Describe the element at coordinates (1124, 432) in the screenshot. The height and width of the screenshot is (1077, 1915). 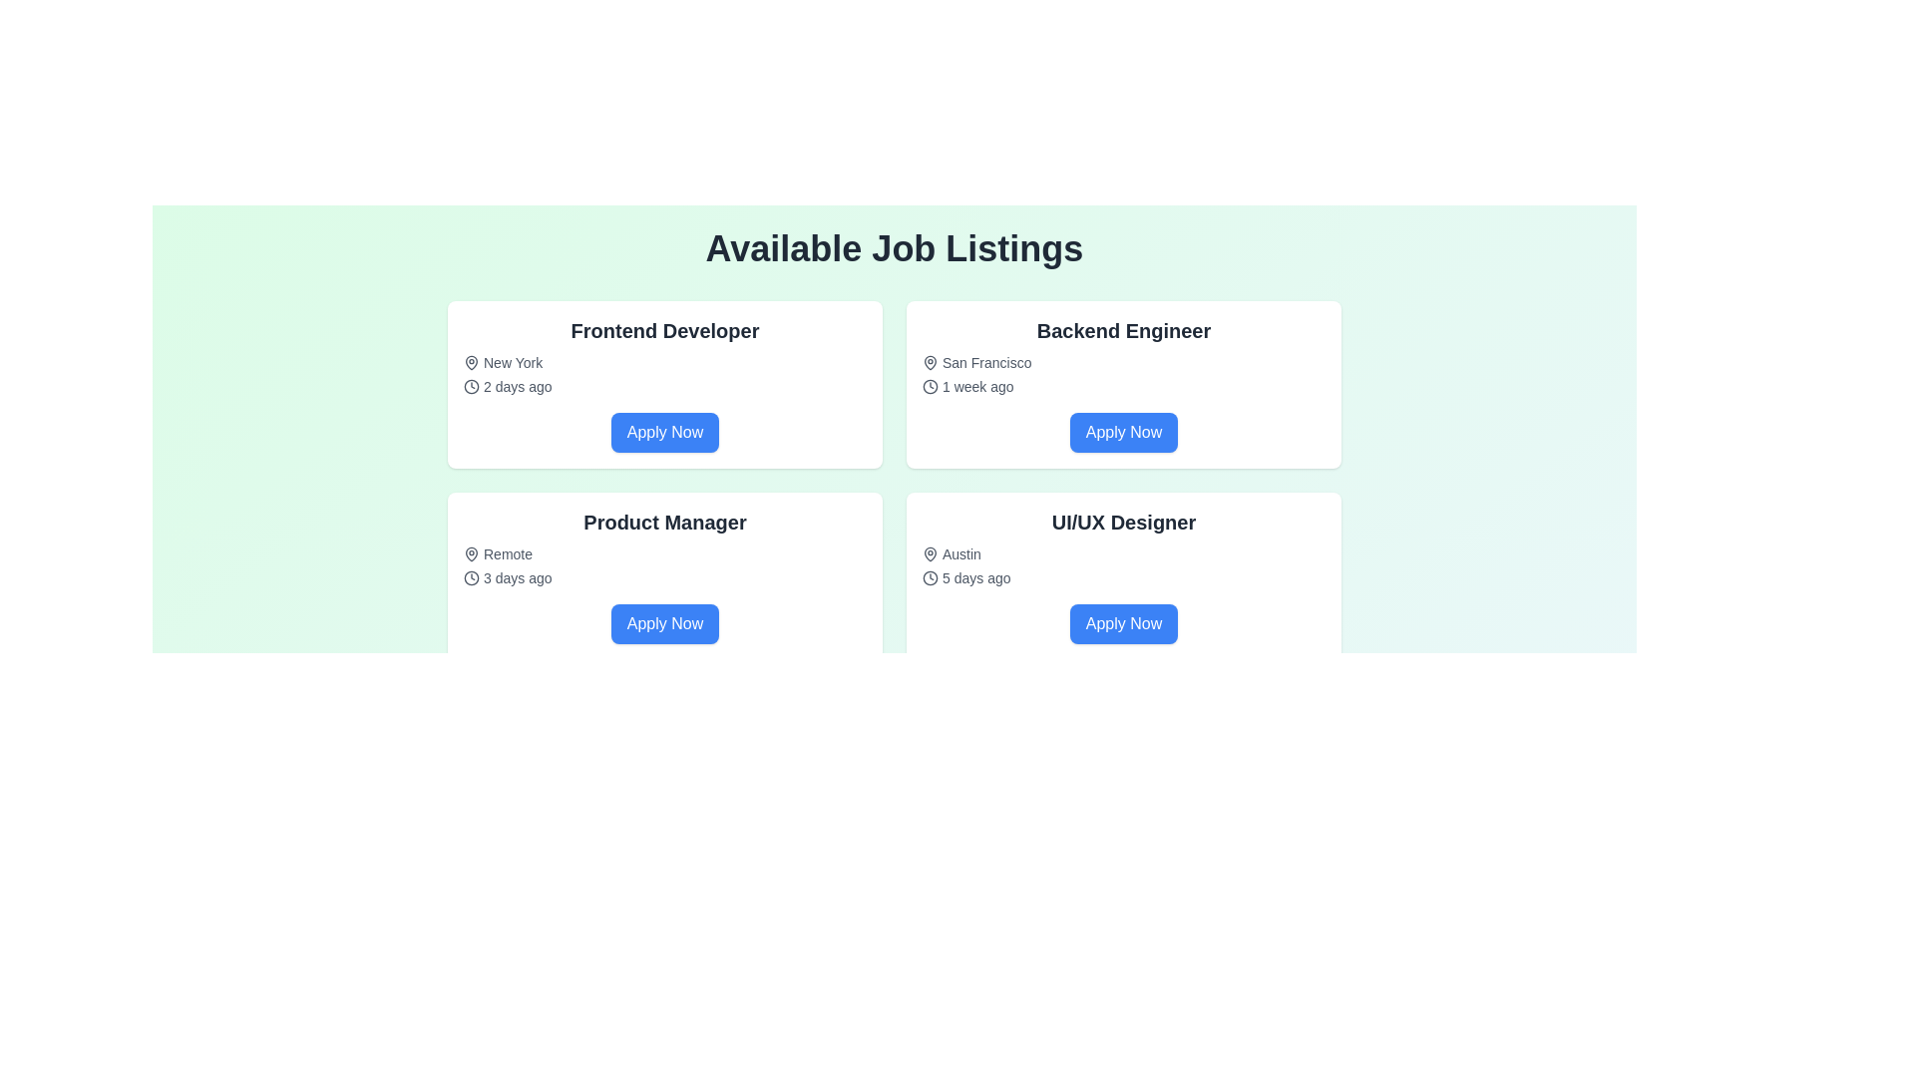
I see `the blue 'Apply Now' button with white text located at the bottom of the 'Backend Engineer' job card to initiate the application process` at that location.